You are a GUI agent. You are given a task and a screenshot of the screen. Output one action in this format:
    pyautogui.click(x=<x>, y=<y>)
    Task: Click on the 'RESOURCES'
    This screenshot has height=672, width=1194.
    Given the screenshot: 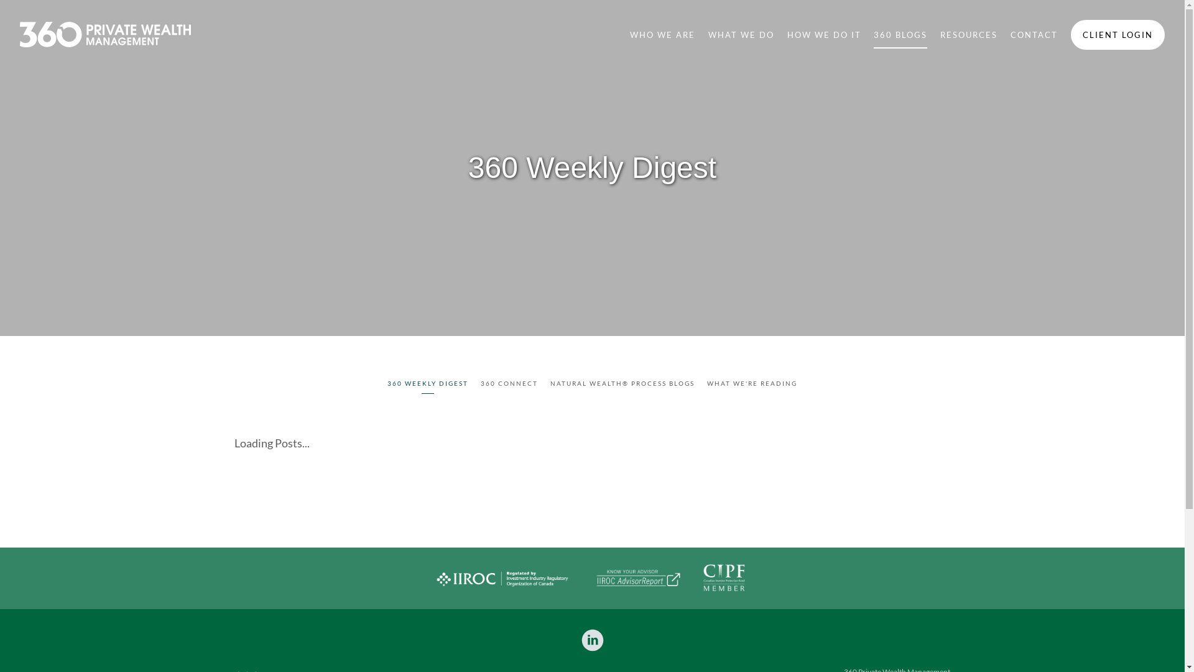 What is the action you would take?
    pyautogui.click(x=940, y=34)
    